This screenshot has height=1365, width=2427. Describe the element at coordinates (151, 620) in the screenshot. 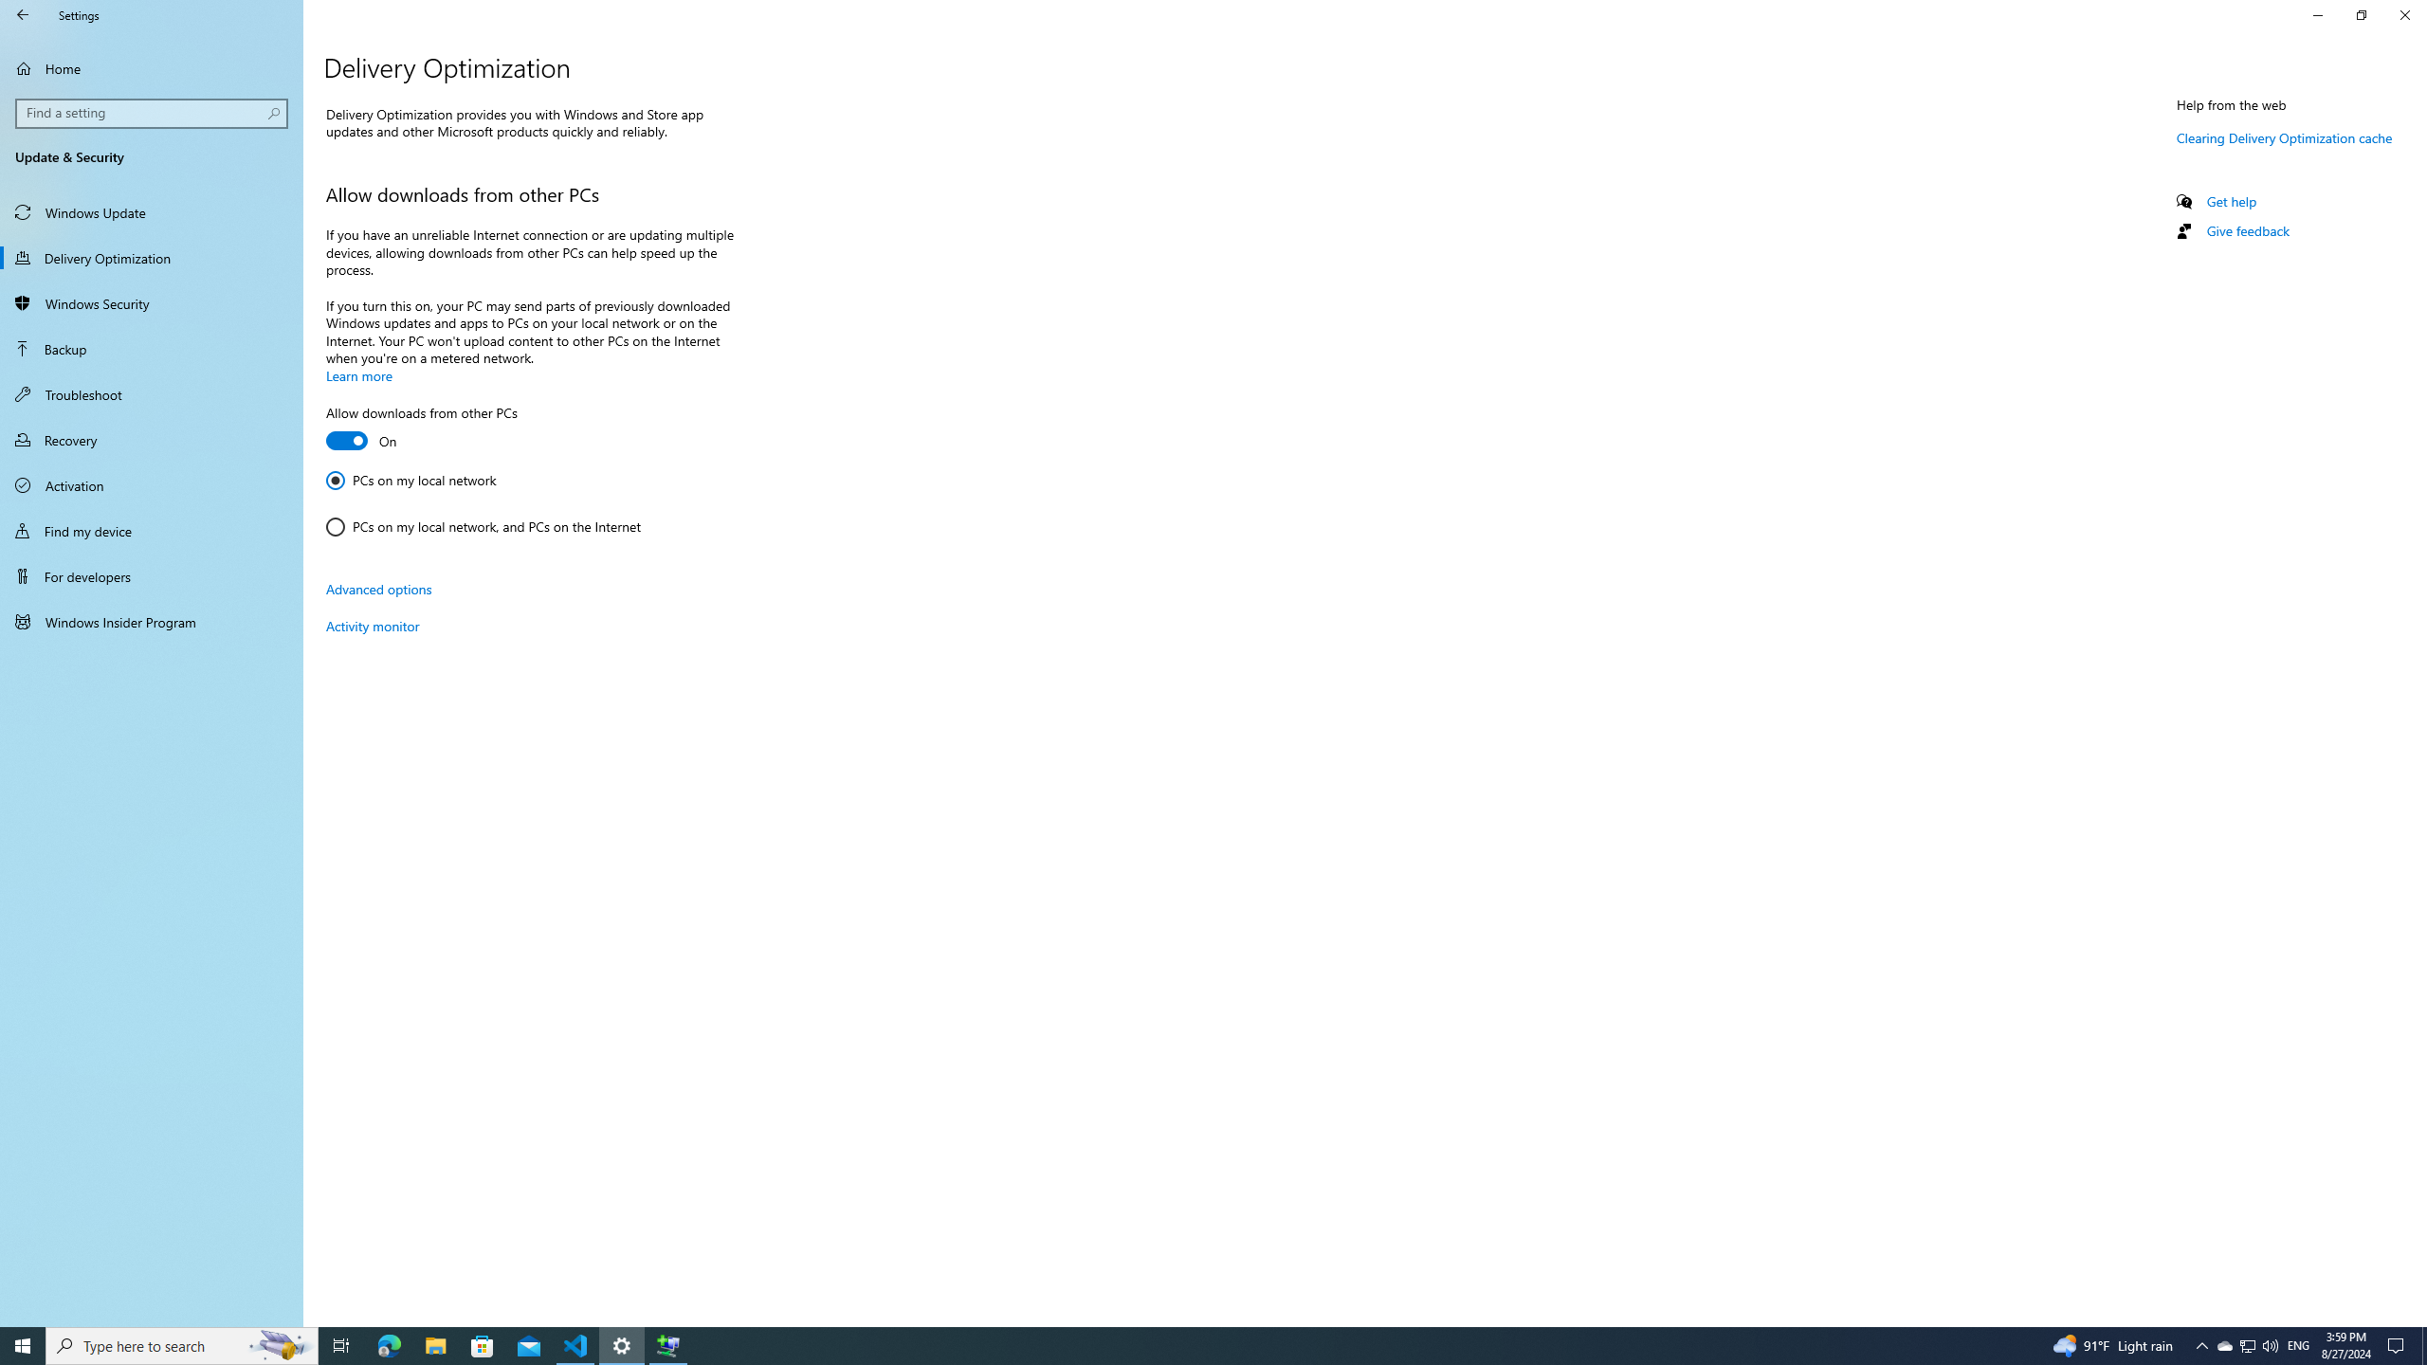

I see `'Windows Insider Program'` at that location.